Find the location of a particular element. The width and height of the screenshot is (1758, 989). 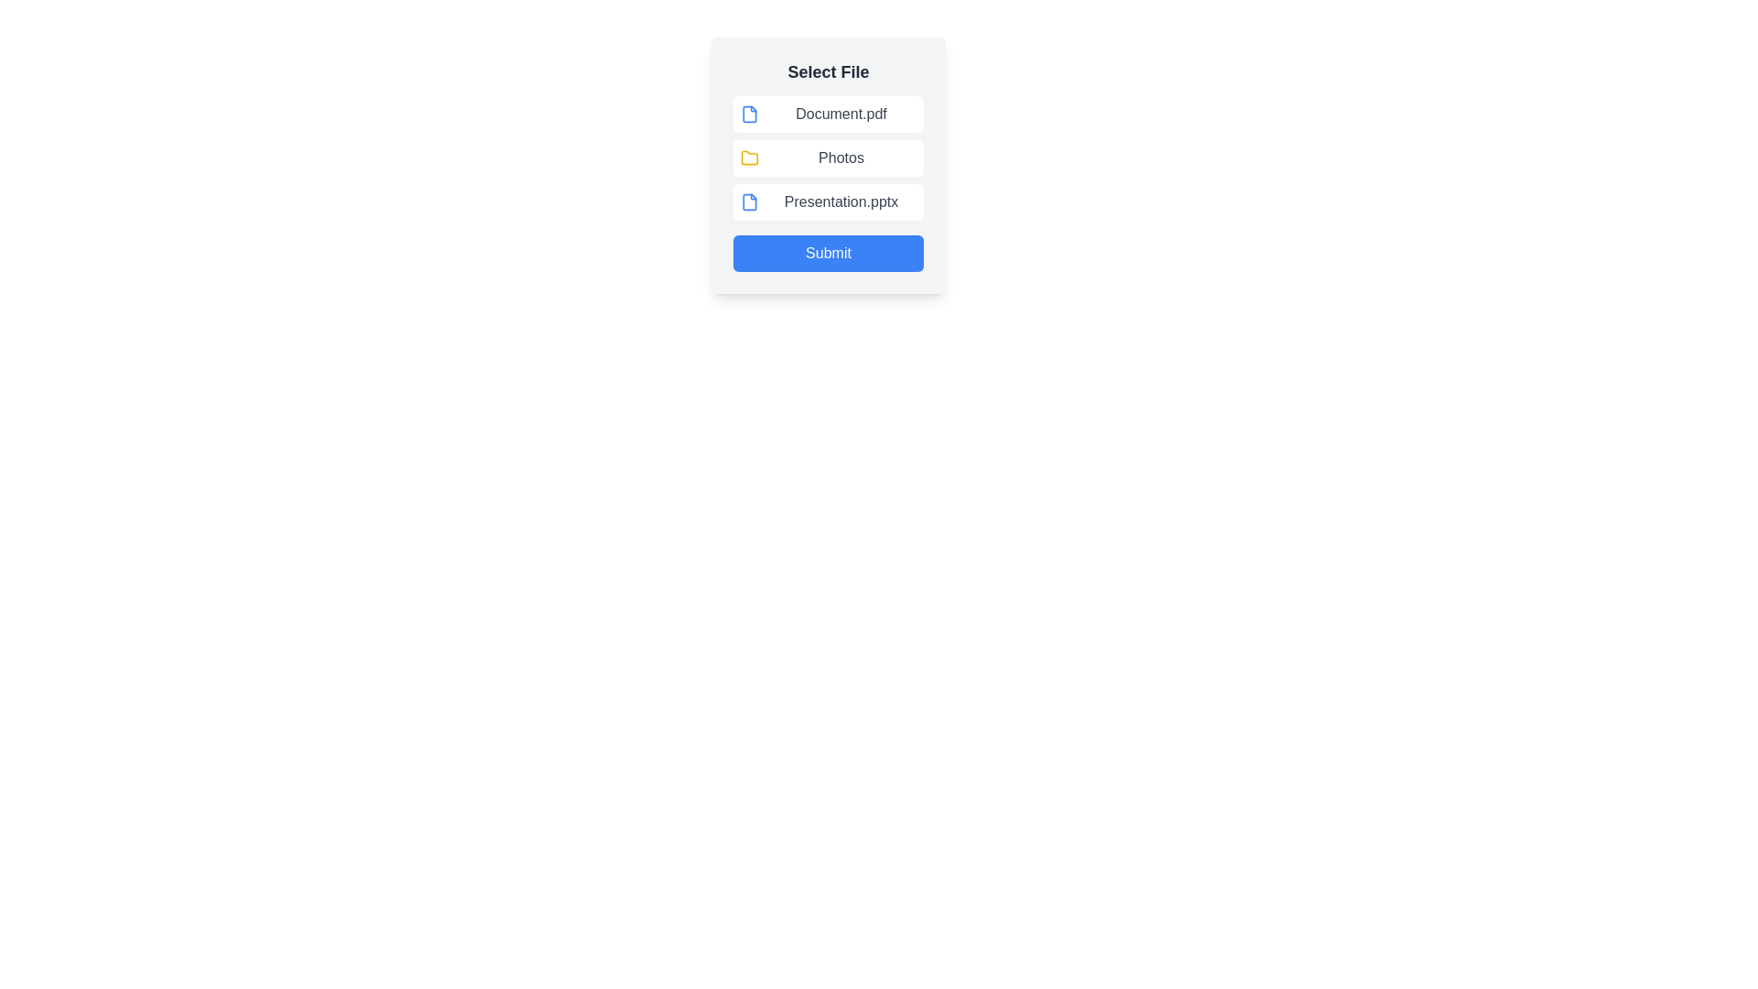

the first selectable item representing a document file in the vertical list is located at coordinates (828, 114).